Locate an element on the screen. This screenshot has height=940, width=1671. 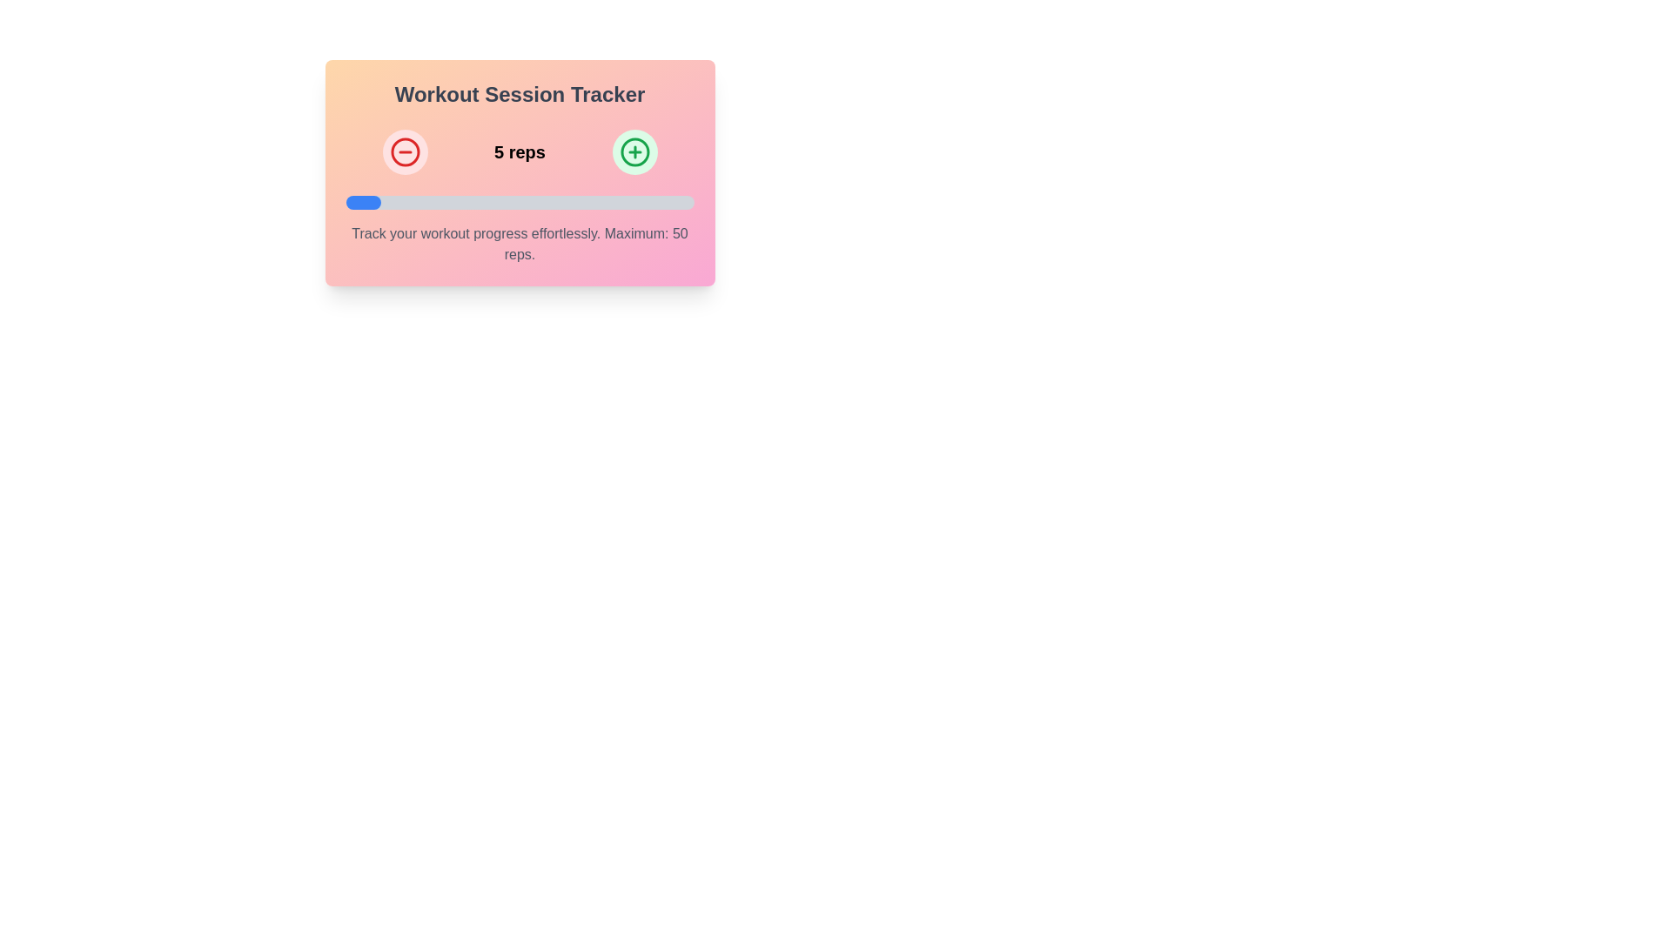
the green circular button with a plus symbol located to the right of the repetition count display is located at coordinates (634, 151).